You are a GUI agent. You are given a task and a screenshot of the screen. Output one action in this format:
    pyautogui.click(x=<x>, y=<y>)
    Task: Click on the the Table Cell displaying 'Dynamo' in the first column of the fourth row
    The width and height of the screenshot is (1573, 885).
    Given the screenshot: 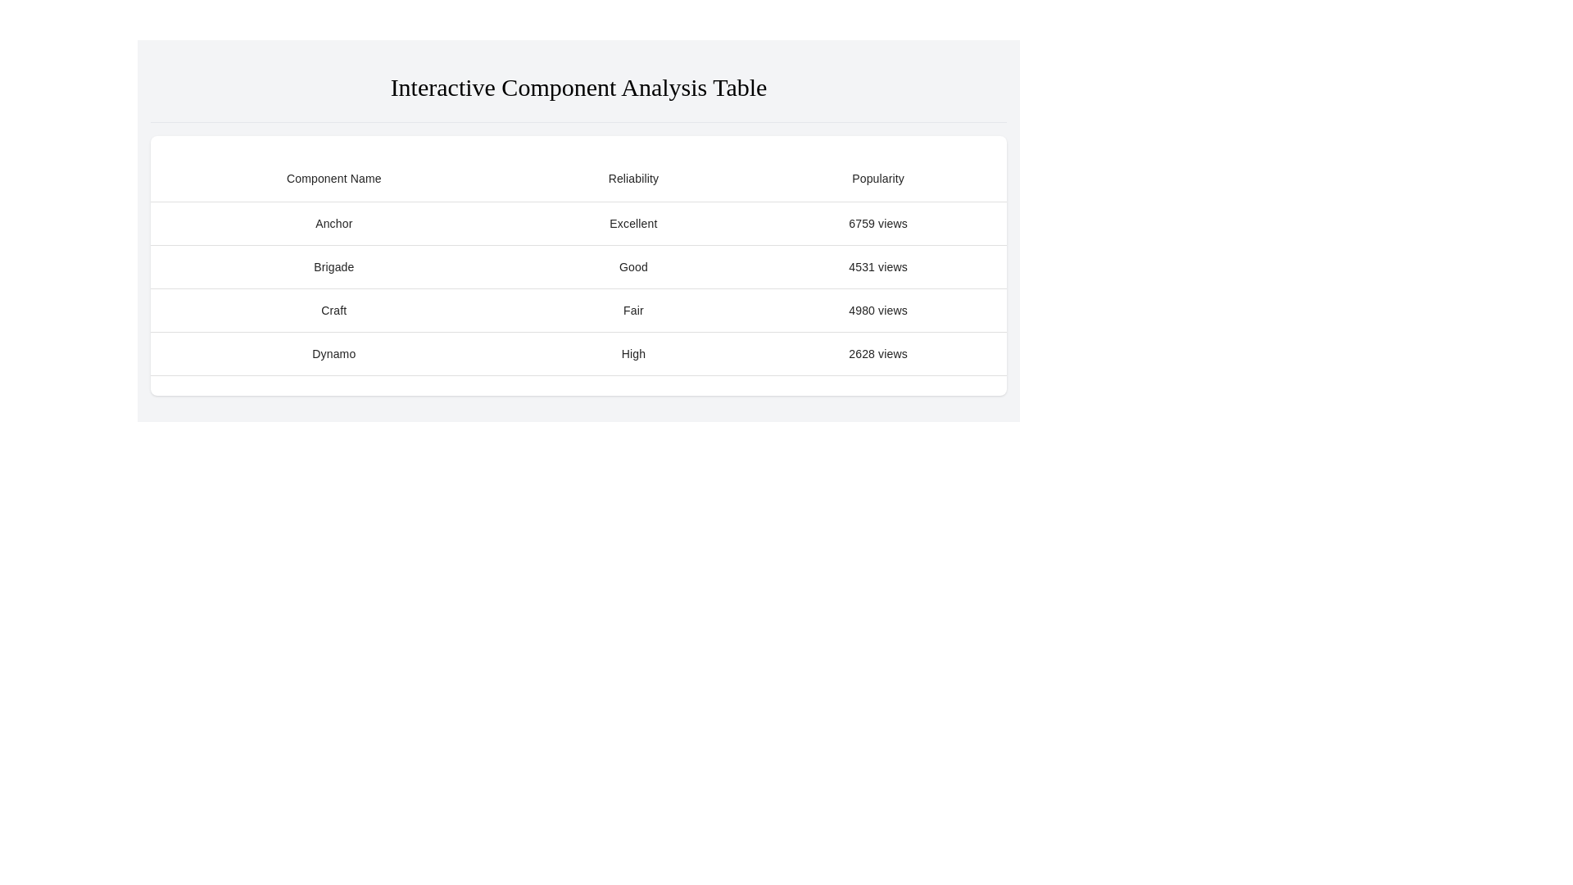 What is the action you would take?
    pyautogui.click(x=333, y=353)
    